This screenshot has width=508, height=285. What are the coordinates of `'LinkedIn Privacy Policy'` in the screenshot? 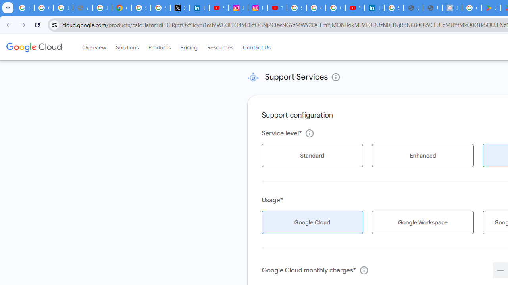 It's located at (199, 8).